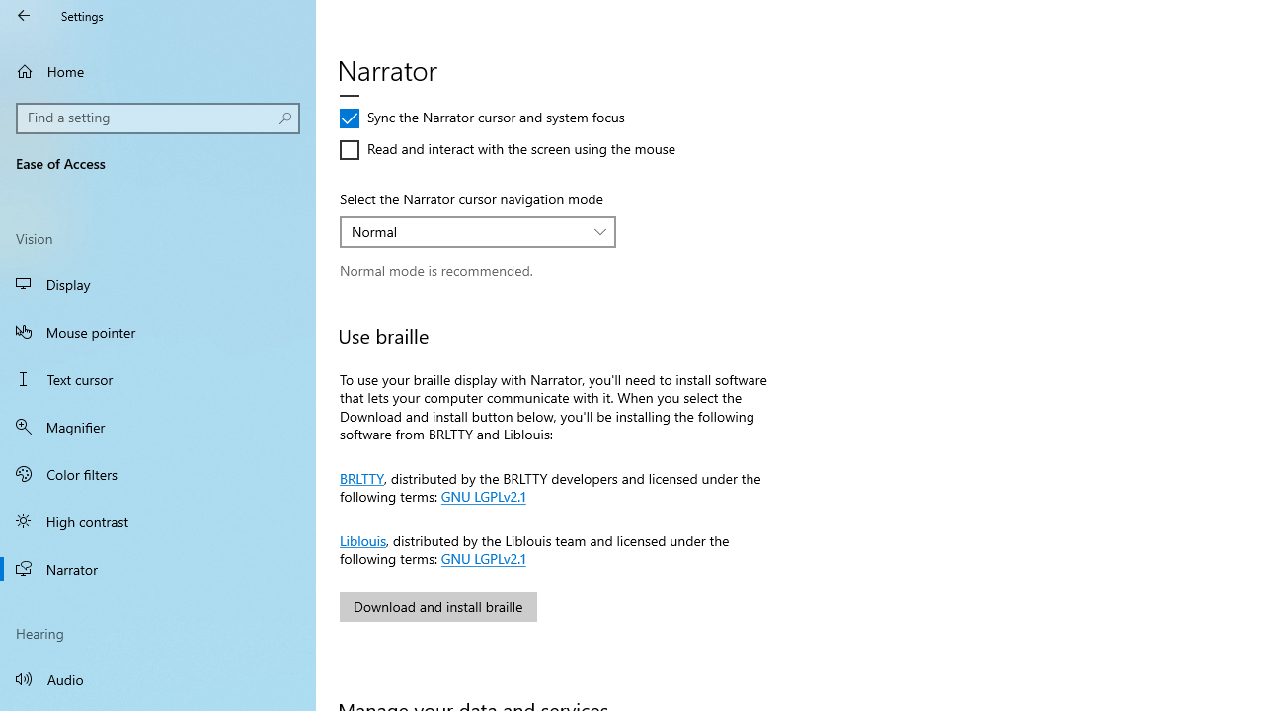 The width and height of the screenshot is (1264, 711). Describe the element at coordinates (466, 230) in the screenshot. I see `'Normal'` at that location.